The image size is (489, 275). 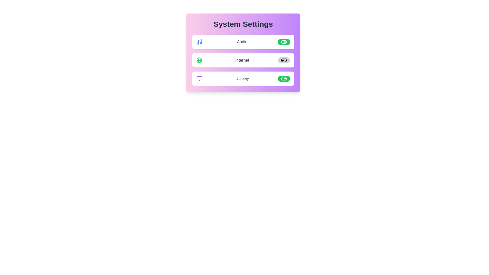 I want to click on the static text label that reads 'Display', which is the third label in a vertical list and is positioned between a monitor icon and a green toggle switch, so click(x=242, y=78).